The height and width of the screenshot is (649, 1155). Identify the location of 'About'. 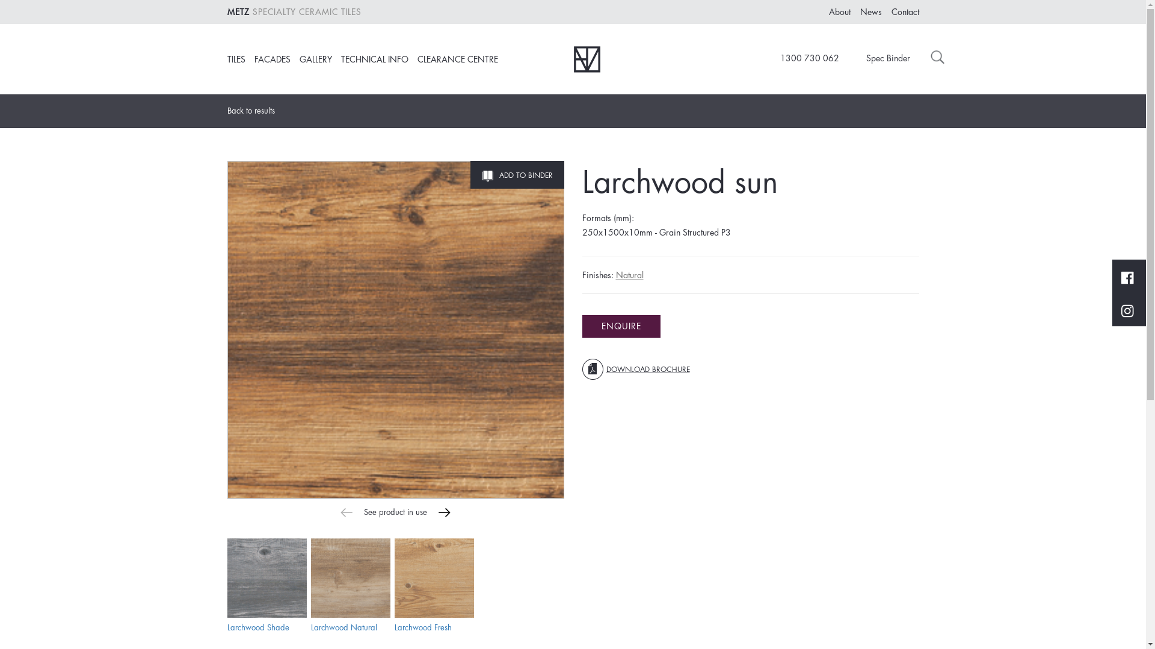
(839, 11).